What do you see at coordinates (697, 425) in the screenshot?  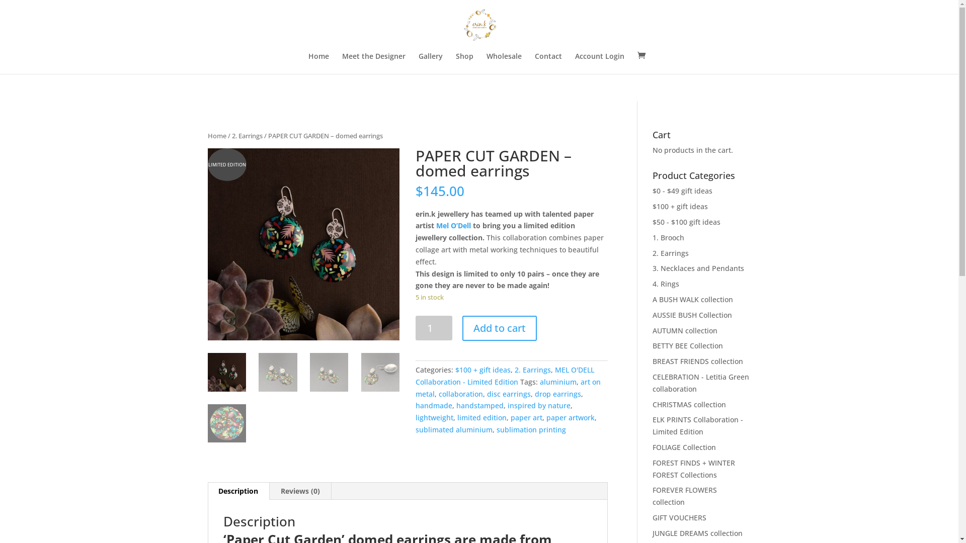 I see `'ELK PRINTS Collaboration - Limited Edition'` at bounding box center [697, 425].